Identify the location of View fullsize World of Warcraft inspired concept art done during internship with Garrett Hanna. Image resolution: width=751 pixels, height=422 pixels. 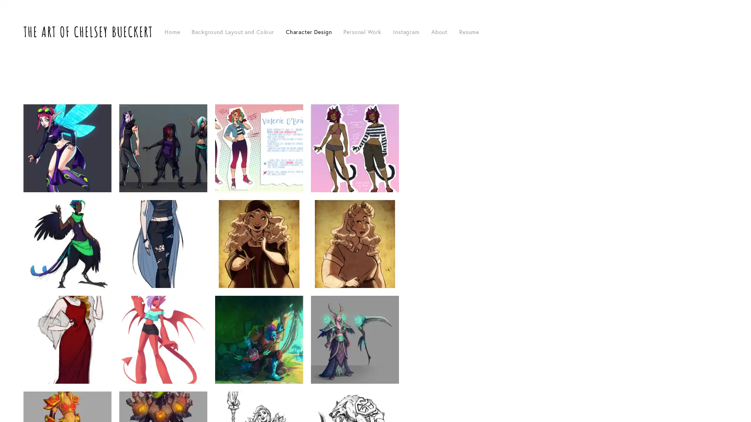
(354, 339).